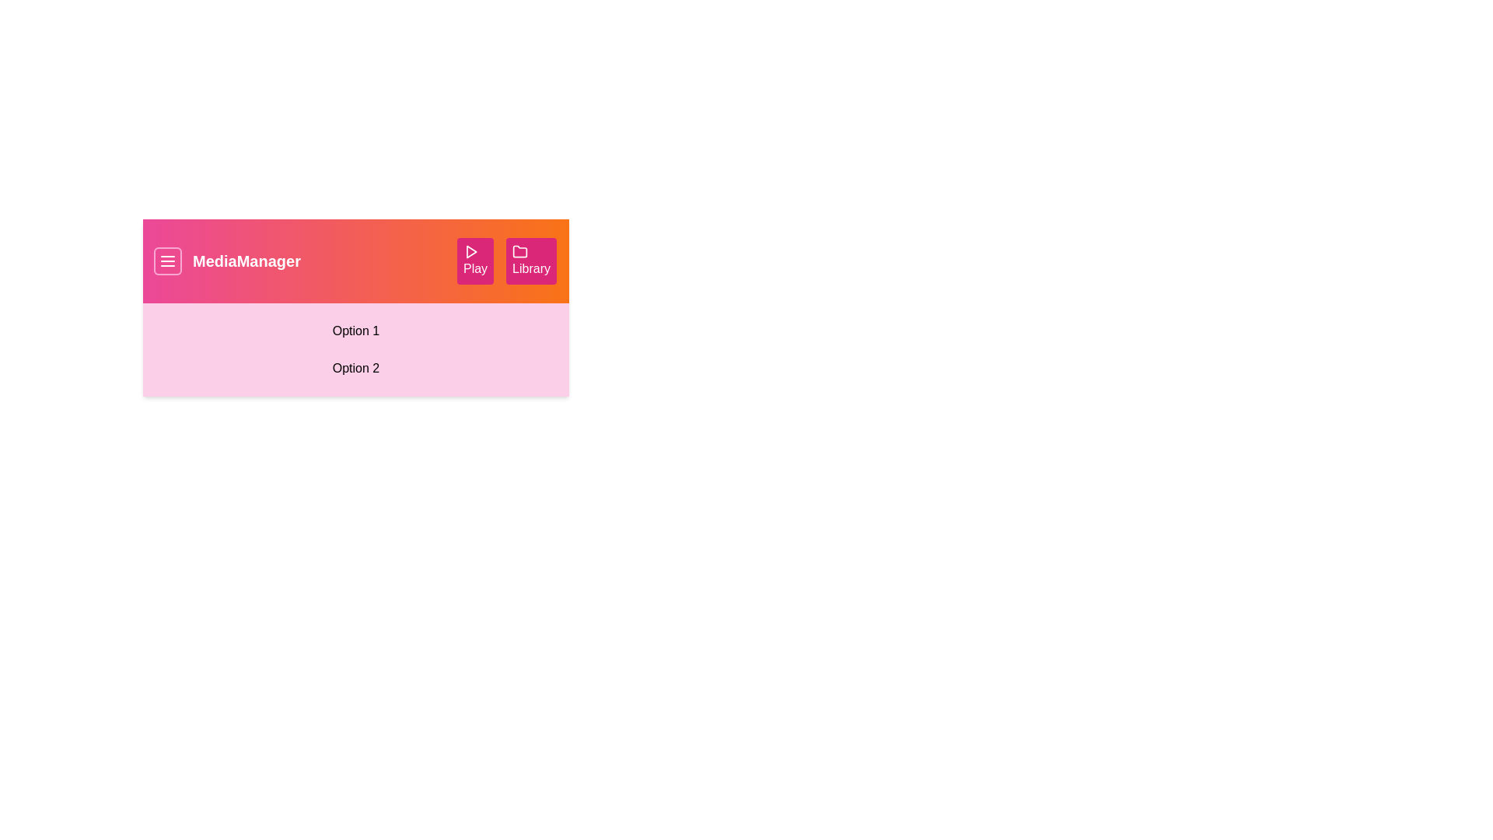 The image size is (1493, 840). I want to click on the menu option Option 1, so click(355, 330).